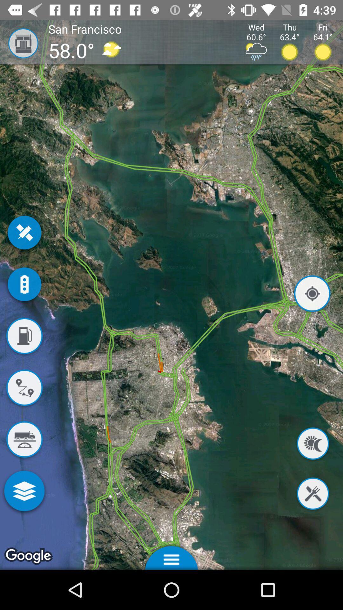  What do you see at coordinates (313, 494) in the screenshot?
I see `search restaurants` at bounding box center [313, 494].